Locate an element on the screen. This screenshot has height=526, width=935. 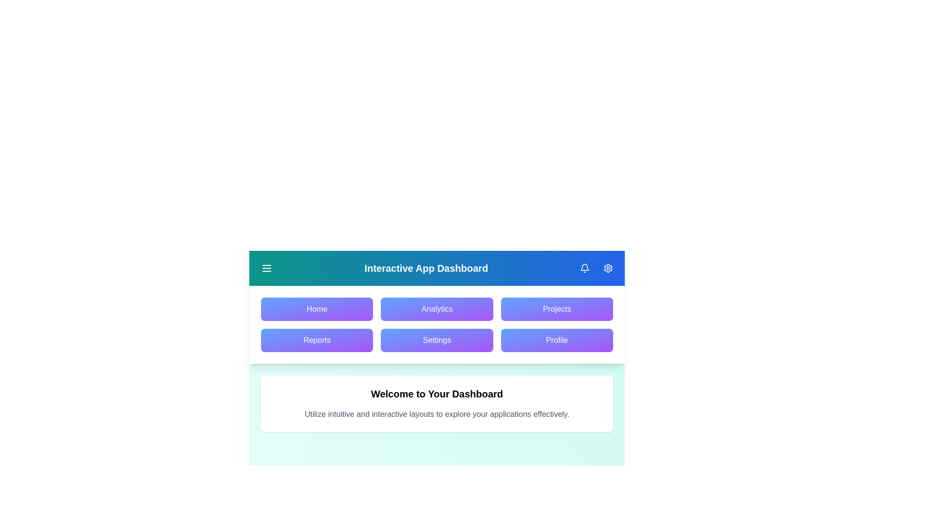
the notification button in the app bar is located at coordinates (584, 268).